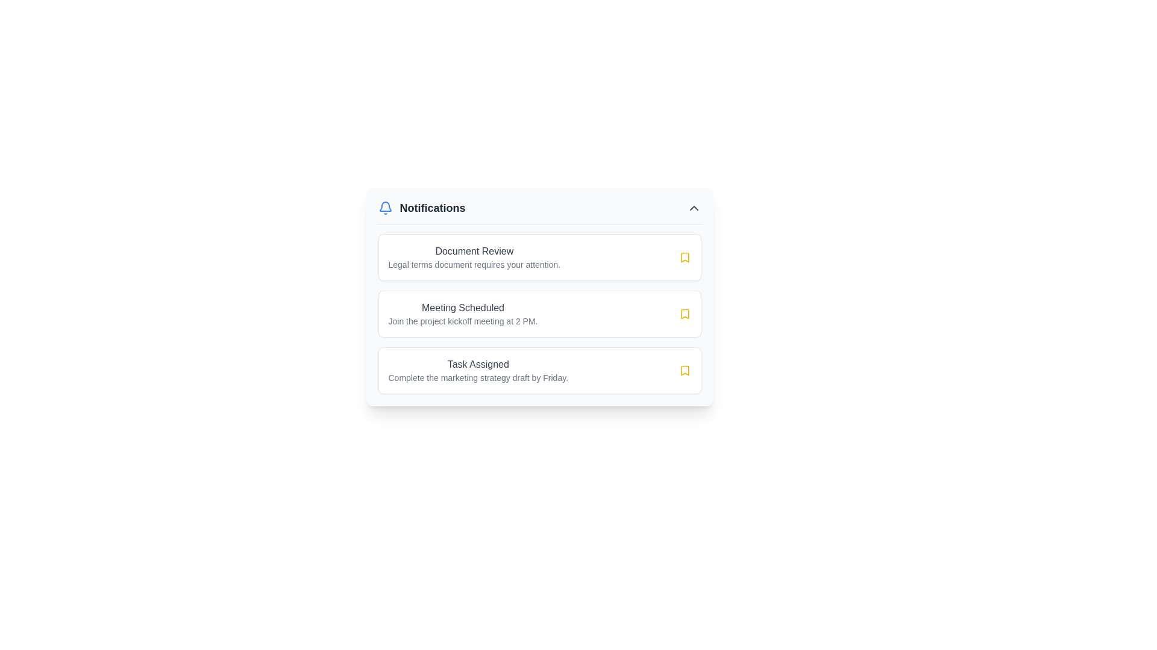 Image resolution: width=1157 pixels, height=650 pixels. I want to click on the bookmark icon located at the right end of the 'Document Review' notification card with the subtext 'Legal terms document requires your attention.', so click(685, 257).